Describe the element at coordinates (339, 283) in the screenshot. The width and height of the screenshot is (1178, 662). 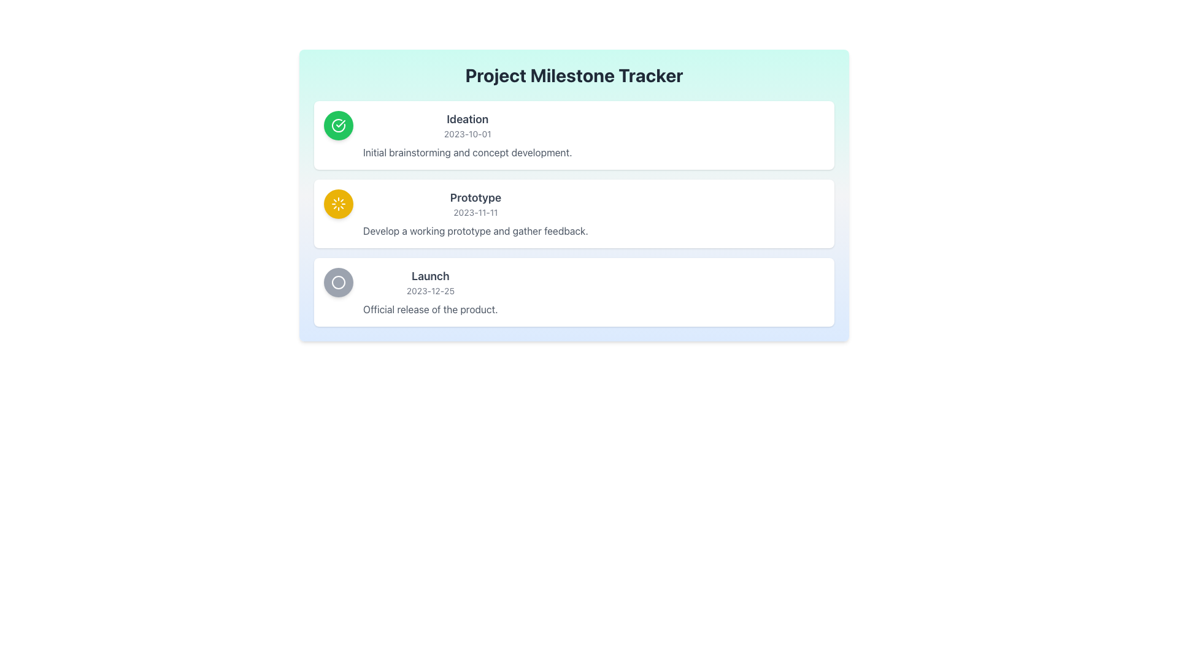
I see `the circular gray button with white text or icon located at the left side of the 'Launch' milestone entry, which is identified by bold gray text and the date '2023-12-25'` at that location.